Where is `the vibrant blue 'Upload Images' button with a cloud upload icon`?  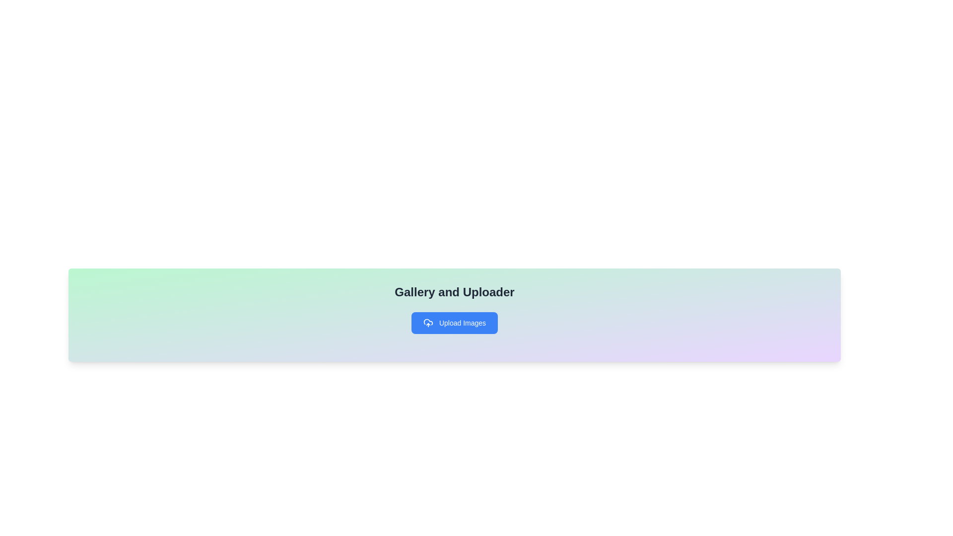 the vibrant blue 'Upload Images' button with a cloud upload icon is located at coordinates (454, 323).